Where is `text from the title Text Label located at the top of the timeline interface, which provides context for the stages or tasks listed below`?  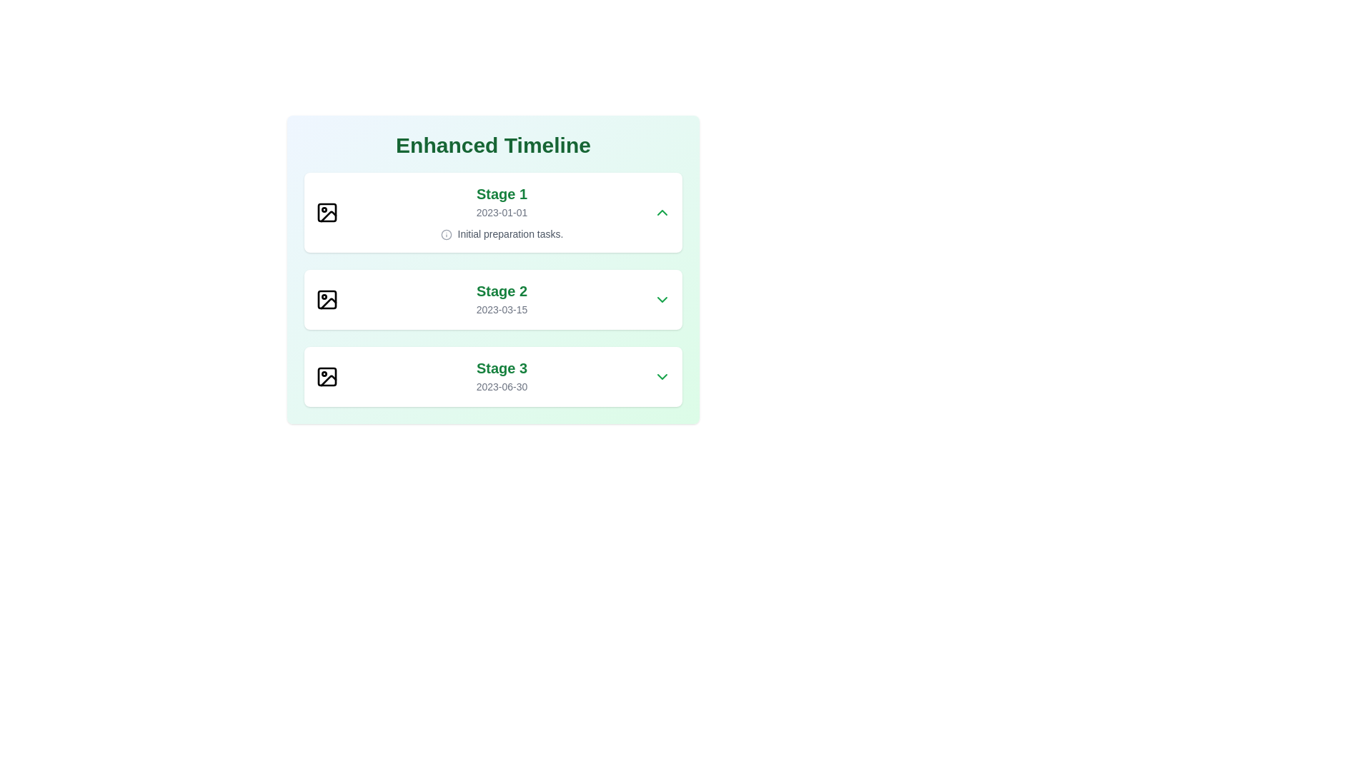
text from the title Text Label located at the top of the timeline interface, which provides context for the stages or tasks listed below is located at coordinates (493, 146).